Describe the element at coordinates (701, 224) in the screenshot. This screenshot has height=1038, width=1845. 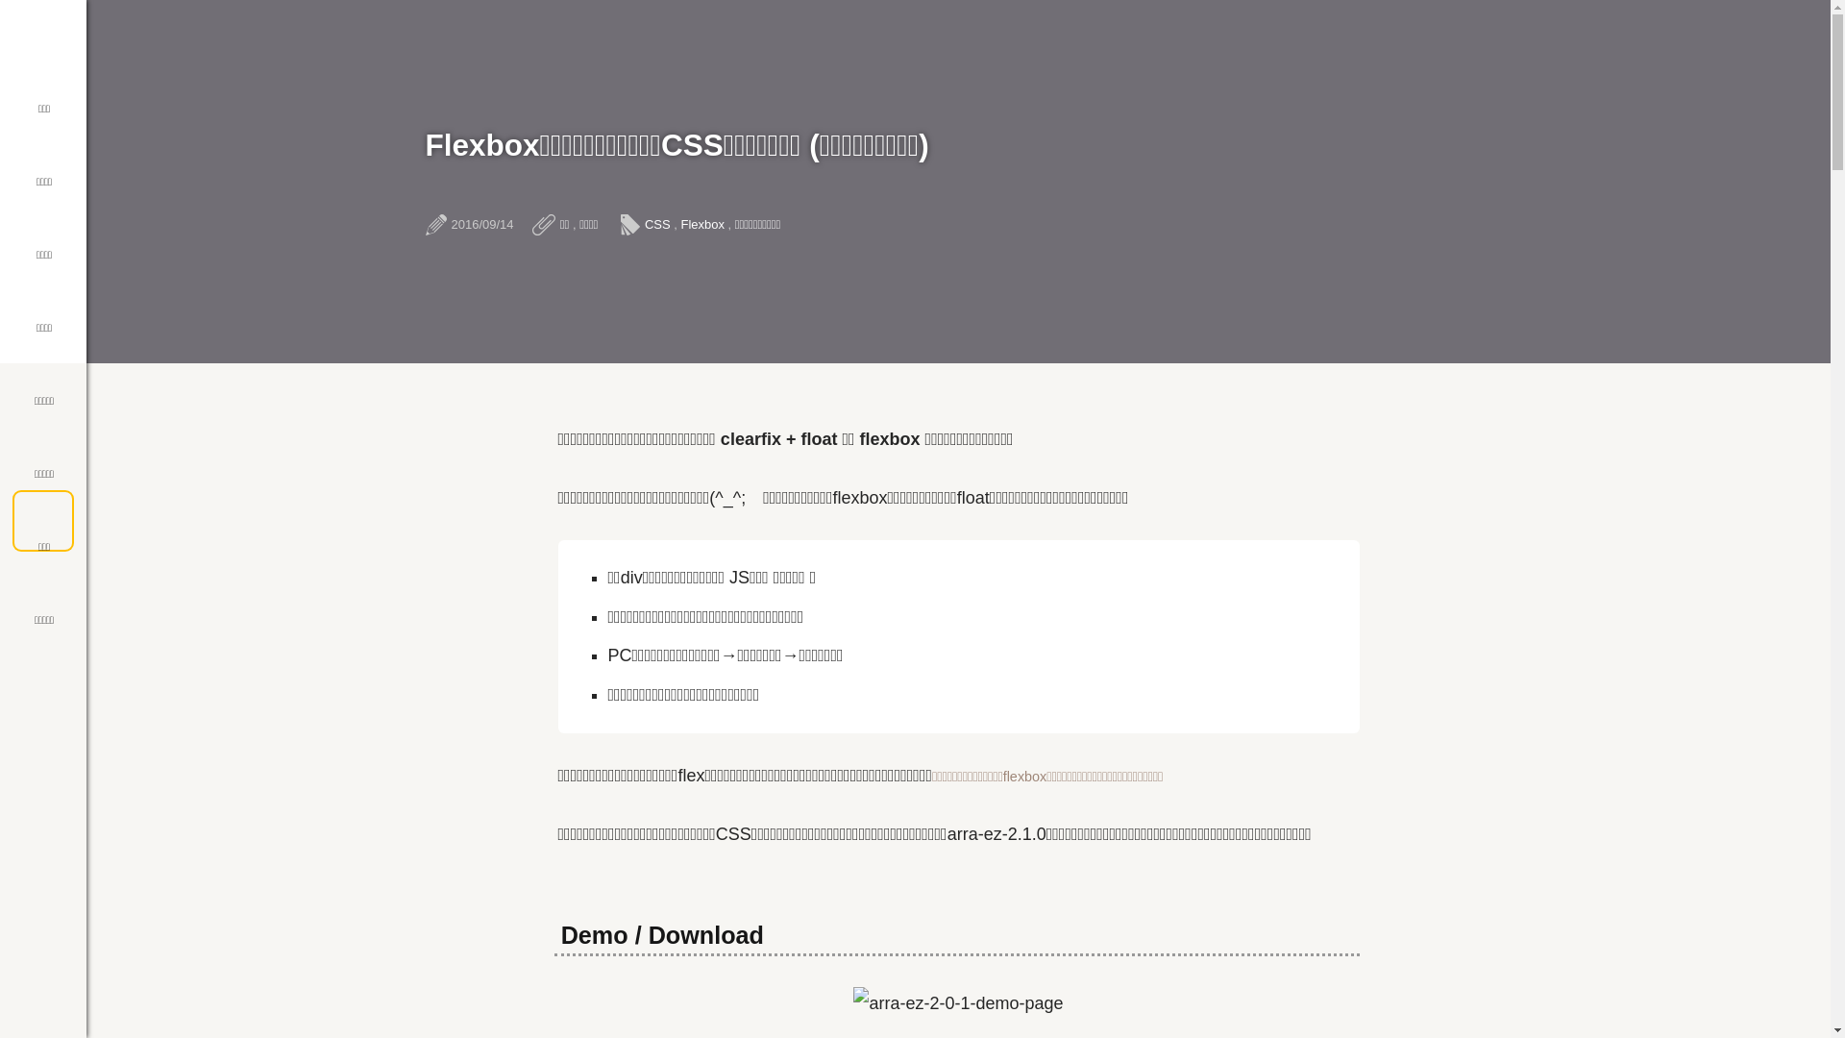
I see `'Flexbox'` at that location.